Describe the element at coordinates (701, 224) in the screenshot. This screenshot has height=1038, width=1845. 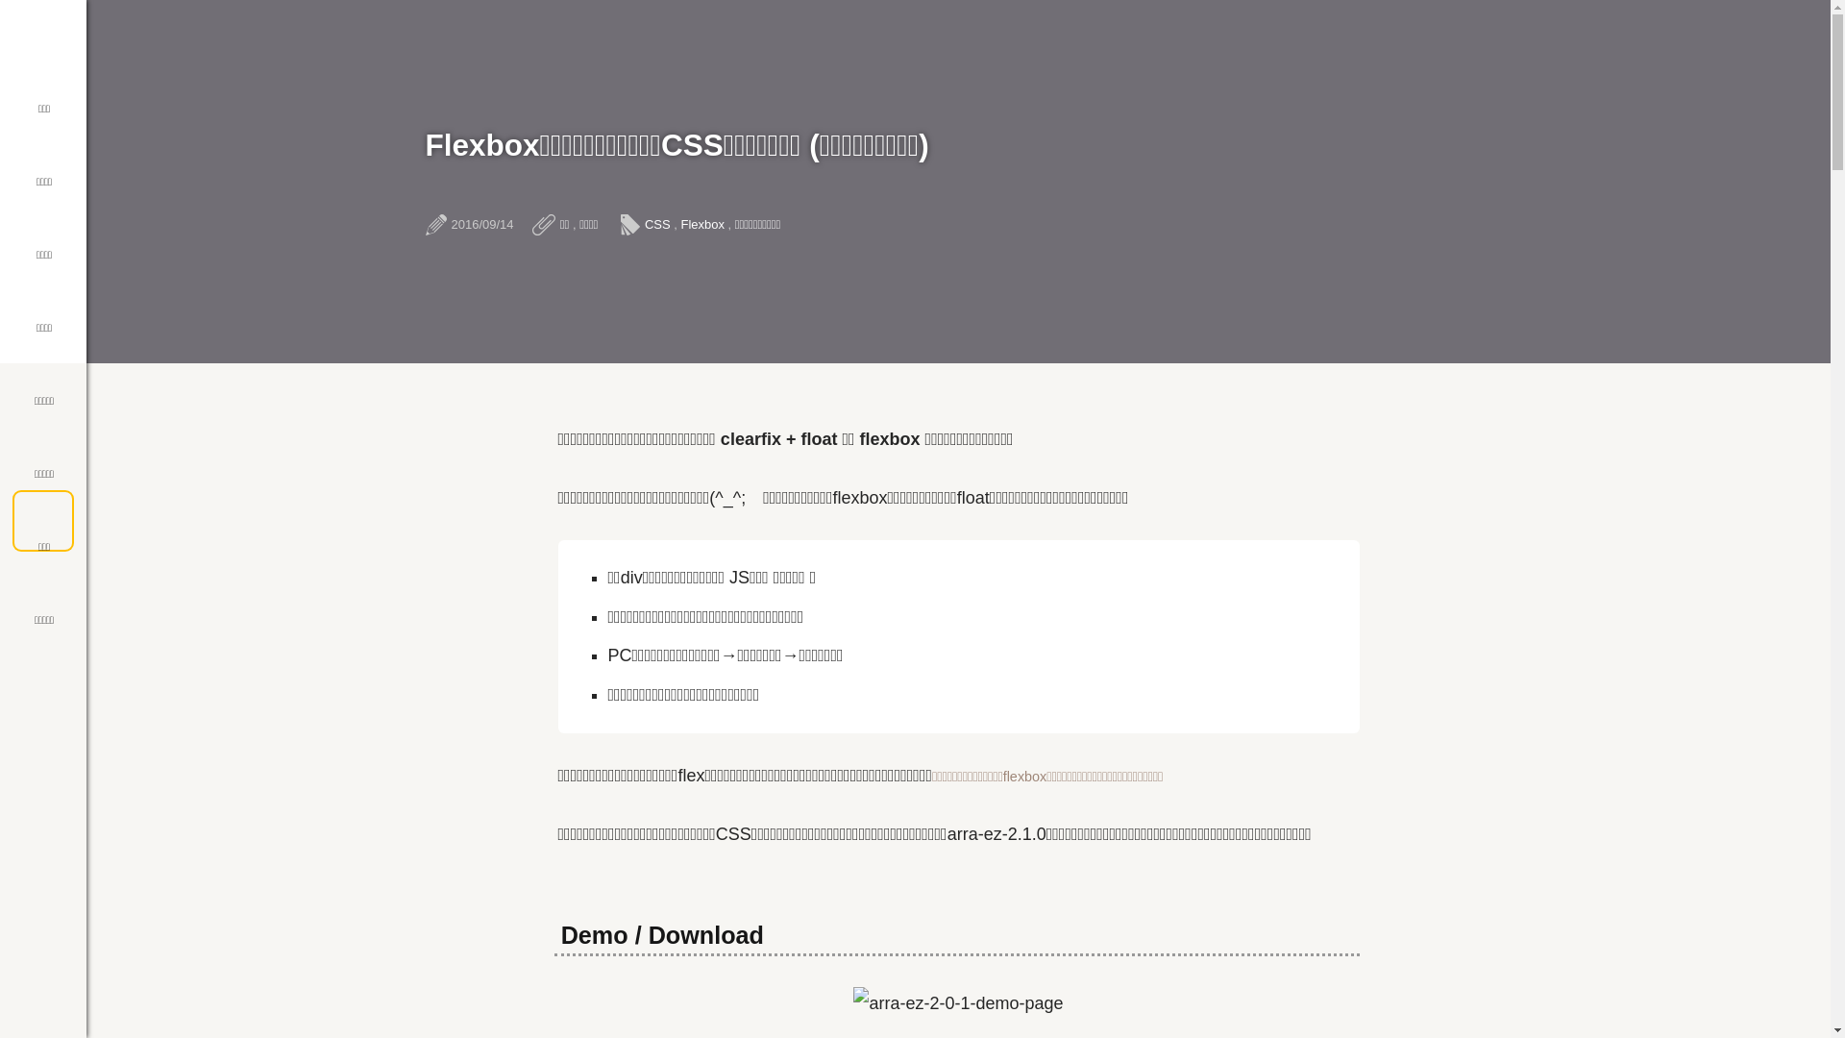
I see `'Flexbox'` at that location.